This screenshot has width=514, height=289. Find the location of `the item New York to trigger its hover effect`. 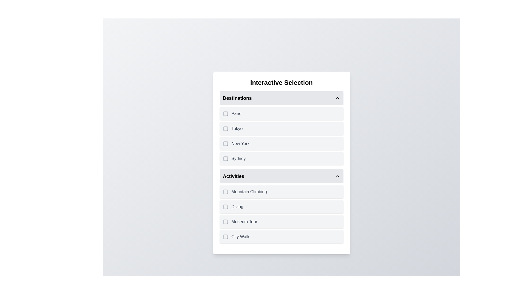

the item New York to trigger its hover effect is located at coordinates (281, 143).